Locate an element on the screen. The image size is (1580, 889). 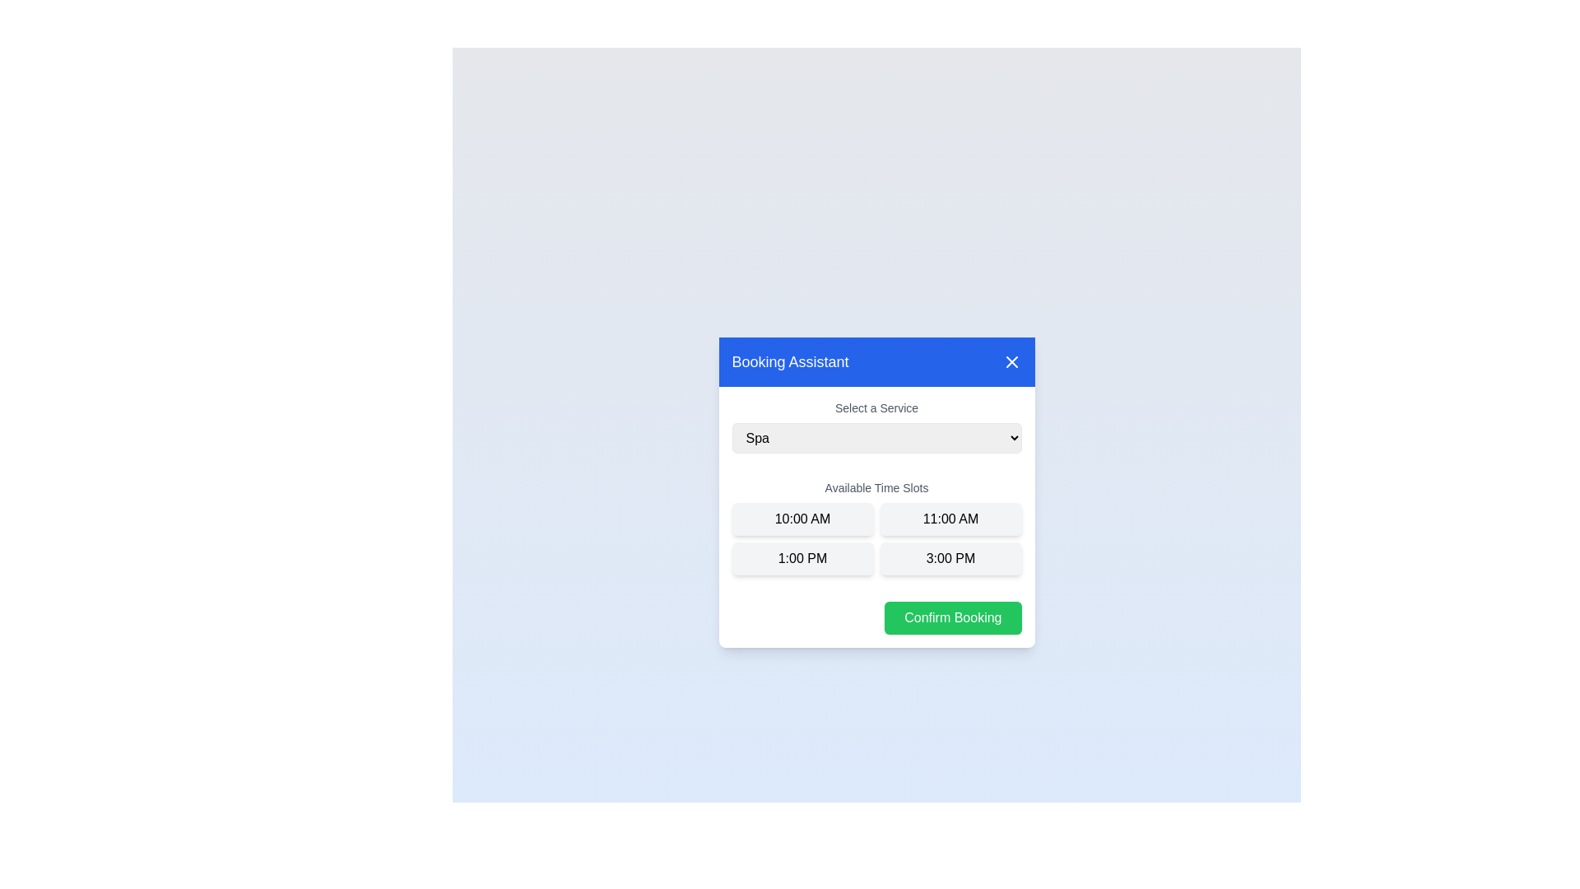
the time slot 3:00 PM by clicking on its button is located at coordinates (950, 557).